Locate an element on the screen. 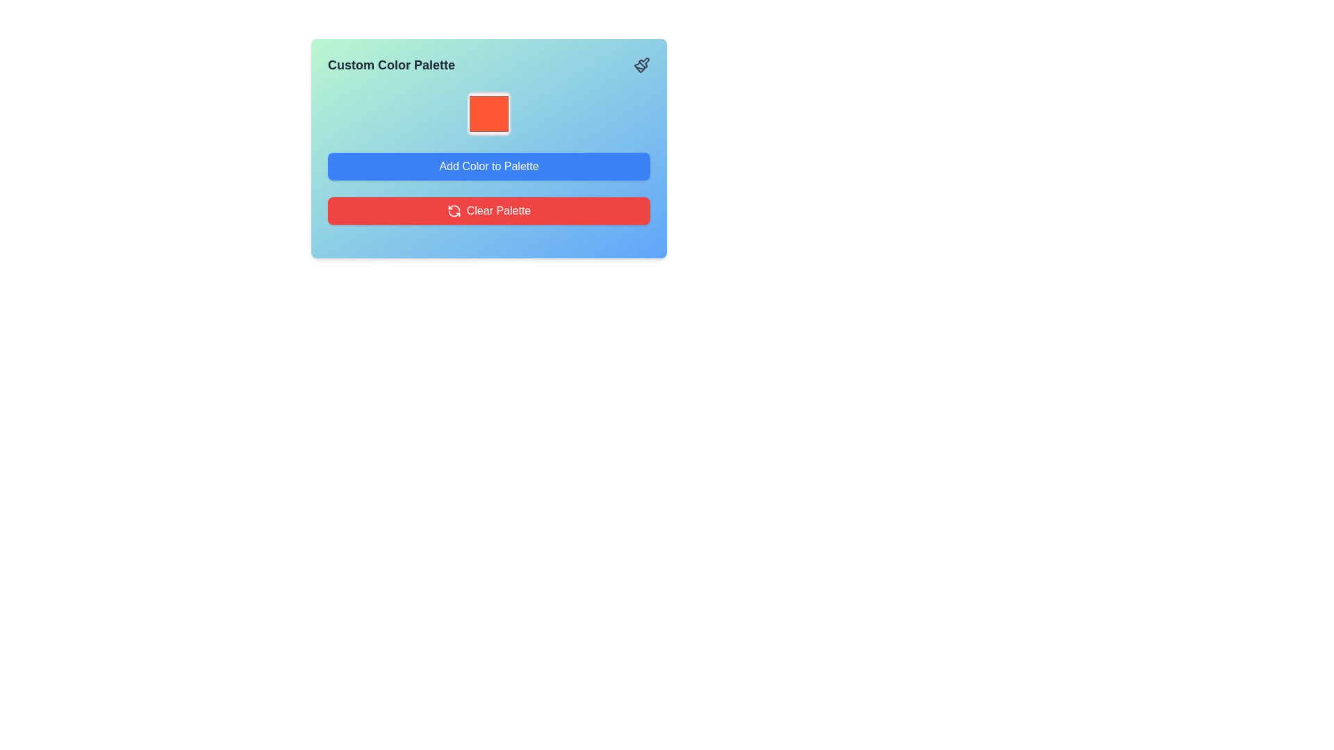 The width and height of the screenshot is (1334, 750). the rectangular panel with a gradient background that contains the title 'Custom Color Palette', a color block, and two buttons labeled 'Add Color to Palette' and 'Clear Palette' is located at coordinates (489, 148).